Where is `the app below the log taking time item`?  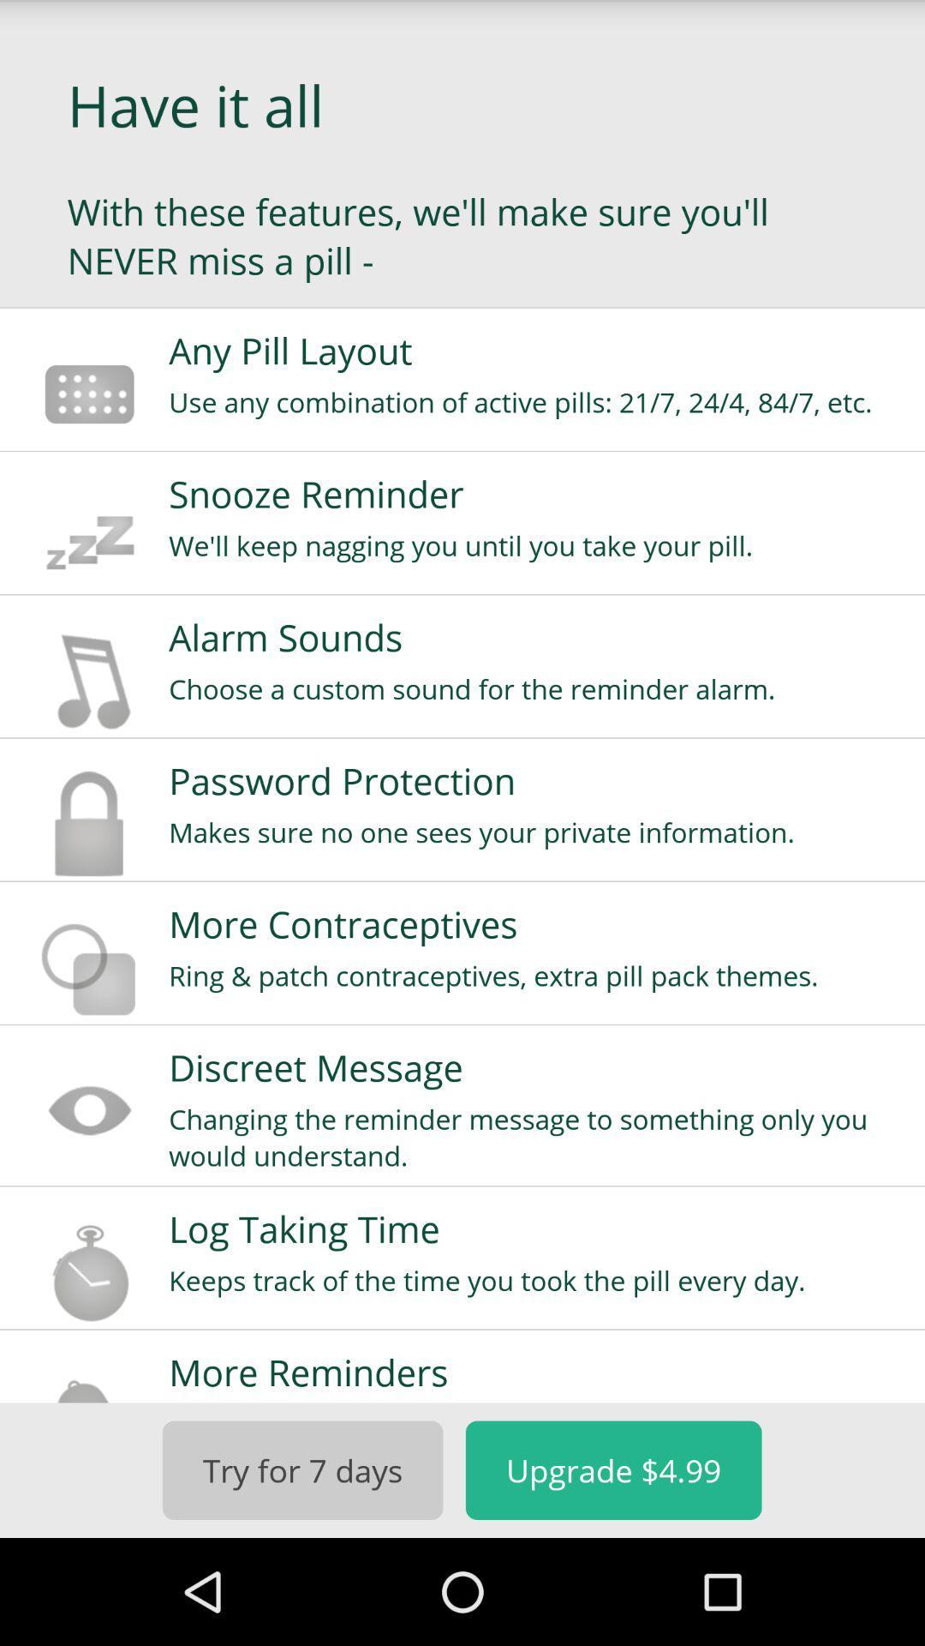 the app below the log taking time item is located at coordinates (534, 1280).